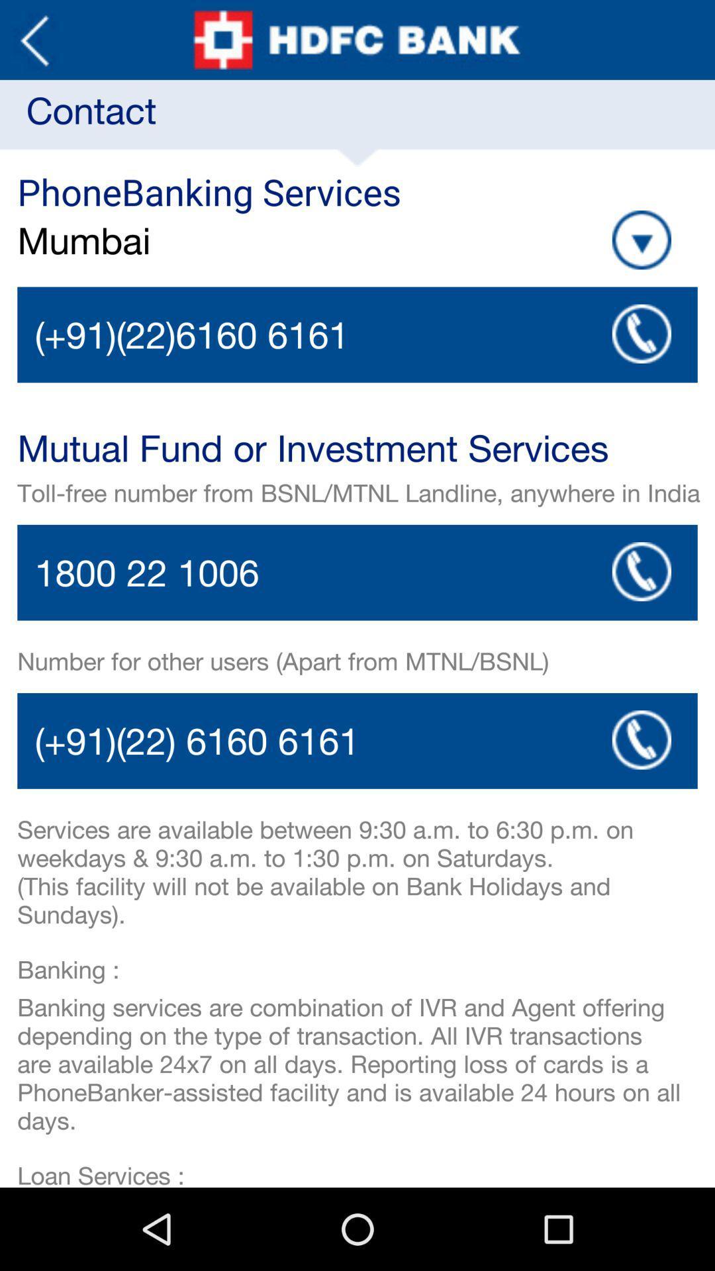 The width and height of the screenshot is (715, 1271). Describe the element at coordinates (34, 42) in the screenshot. I see `the arrow_backward icon` at that location.